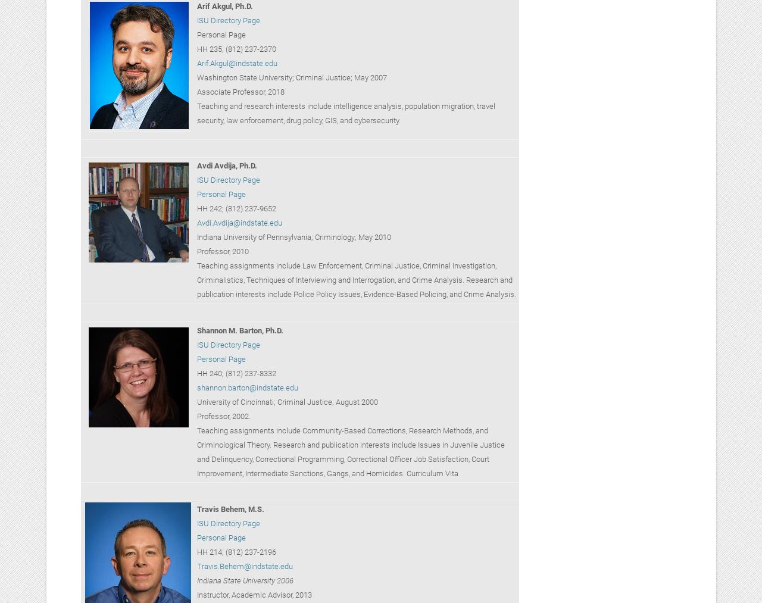 Image resolution: width=762 pixels, height=603 pixels. Describe the element at coordinates (239, 330) in the screenshot. I see `'Shannon M. Barton, Ph.D.'` at that location.